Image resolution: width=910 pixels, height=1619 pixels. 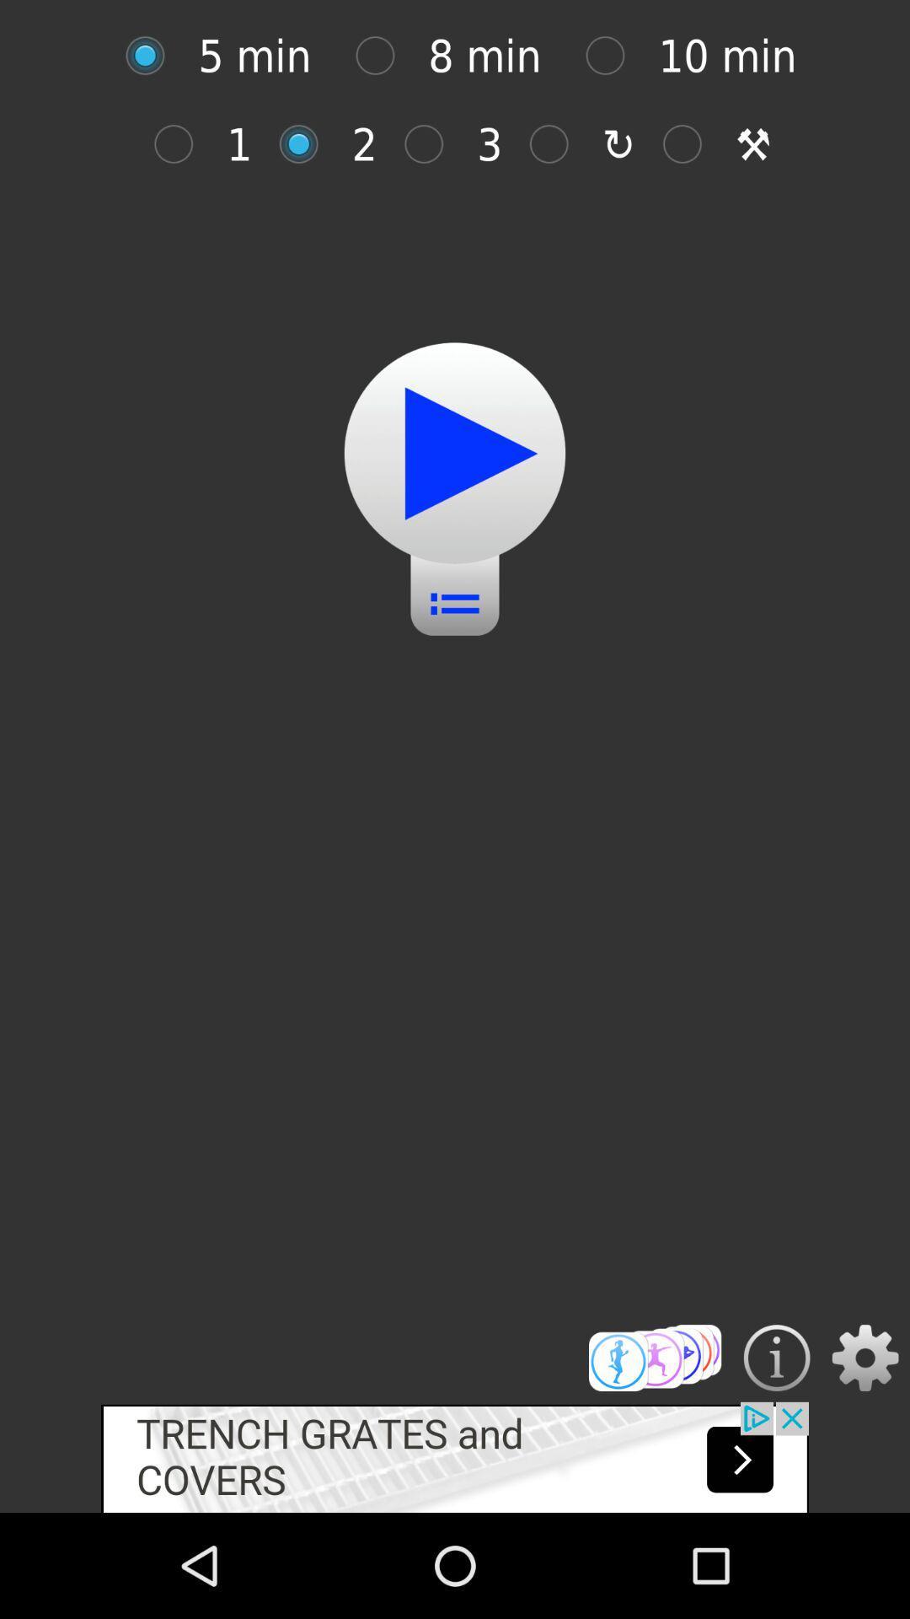 I want to click on watch video, so click(x=455, y=453).